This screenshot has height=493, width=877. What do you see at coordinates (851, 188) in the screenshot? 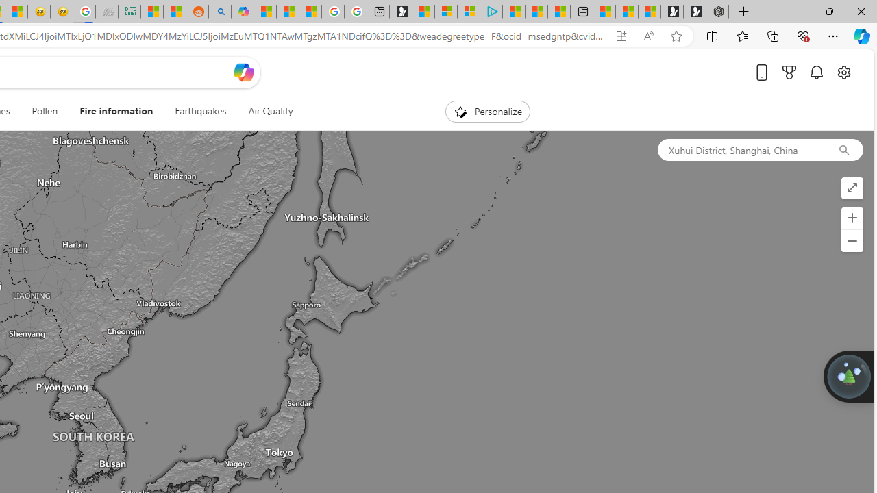
I see `'Enter full screen mode'` at bounding box center [851, 188].